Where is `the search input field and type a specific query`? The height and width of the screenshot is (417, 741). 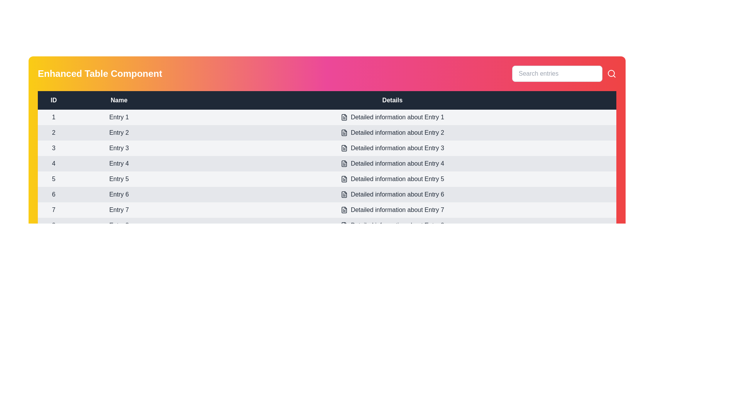 the search input field and type a specific query is located at coordinates (557, 74).